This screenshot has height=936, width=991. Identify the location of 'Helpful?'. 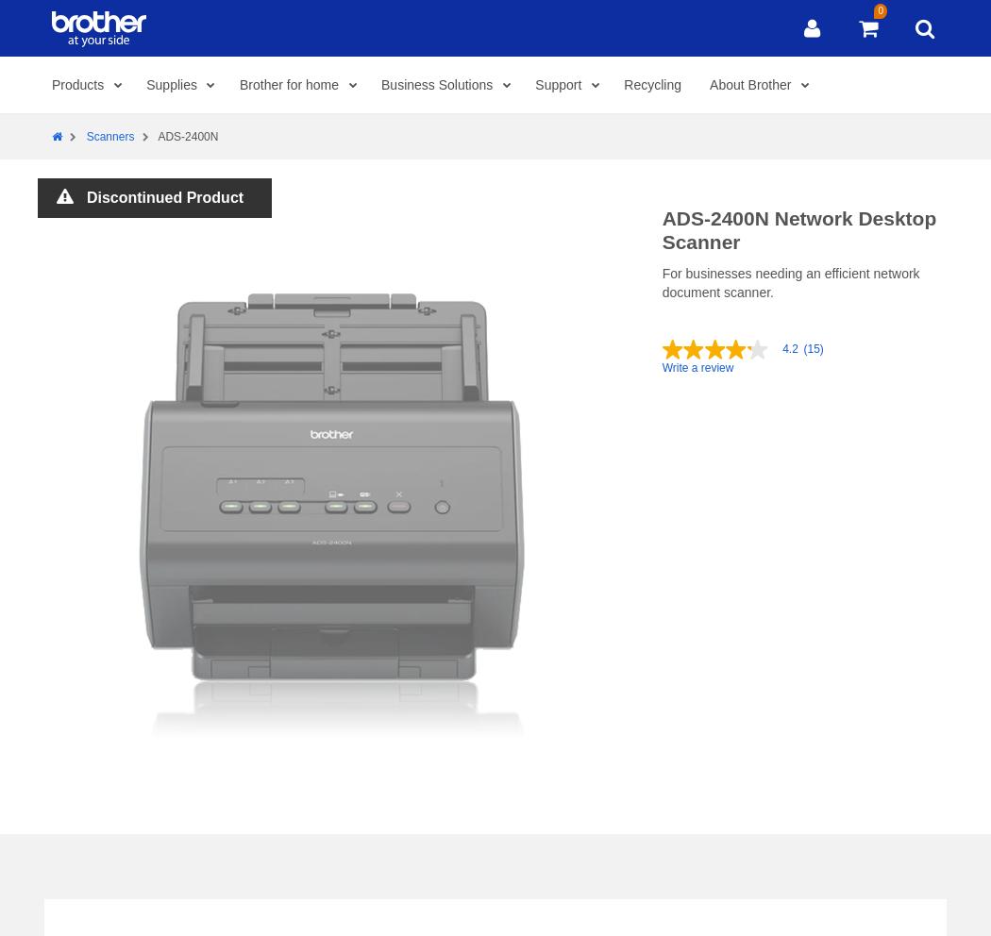
(328, 794).